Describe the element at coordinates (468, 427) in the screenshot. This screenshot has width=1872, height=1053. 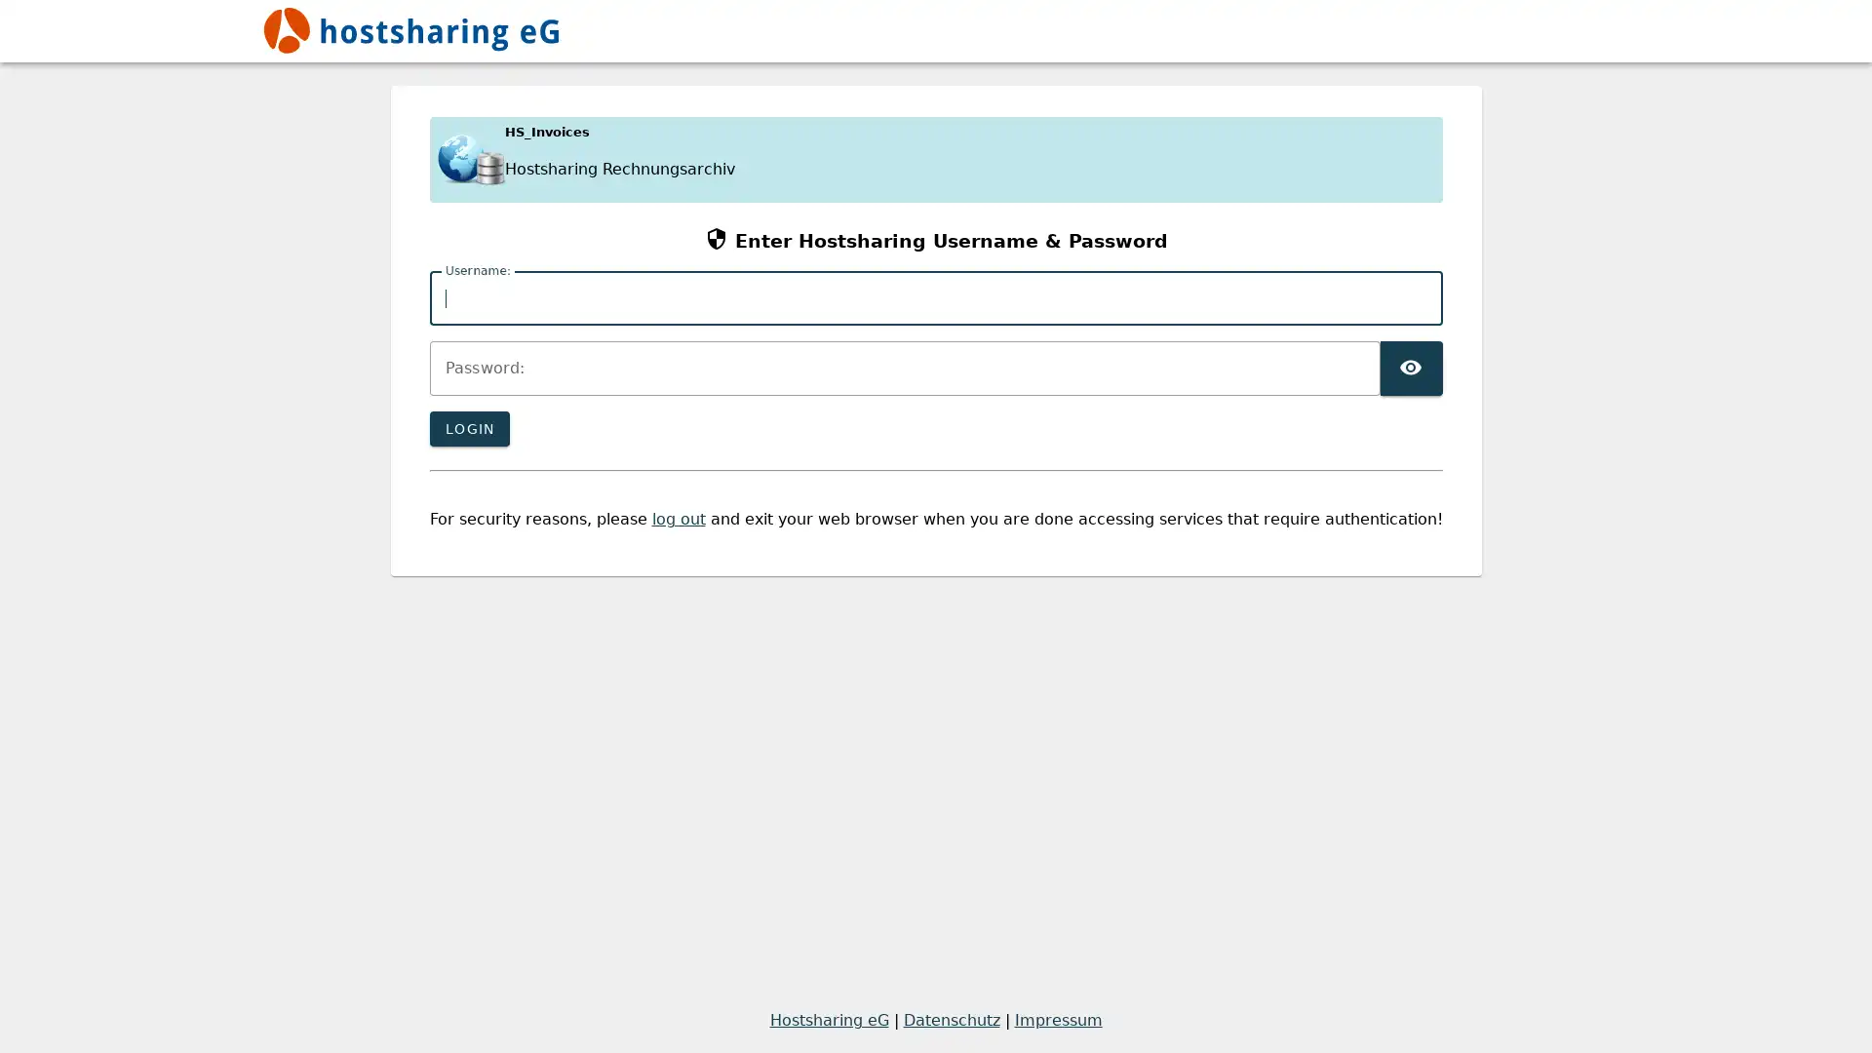
I see `LOGIN` at that location.